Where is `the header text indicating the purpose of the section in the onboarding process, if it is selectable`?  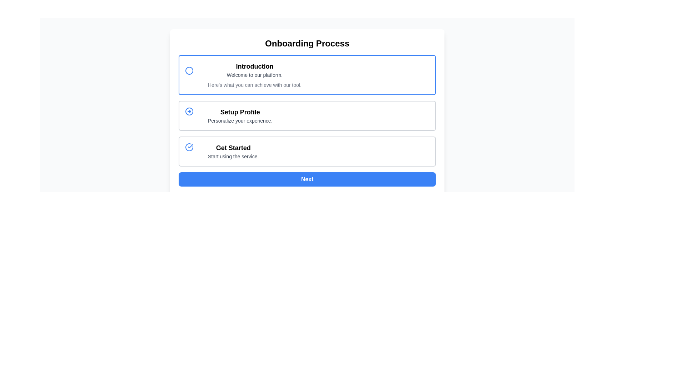
the header text indicating the purpose of the section in the onboarding process, if it is selectable is located at coordinates (233, 147).